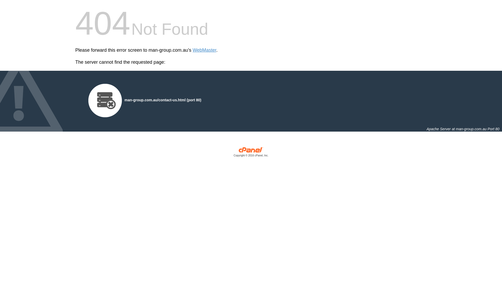 The width and height of the screenshot is (502, 282). What do you see at coordinates (204, 50) in the screenshot?
I see `'WebMaster'` at bounding box center [204, 50].